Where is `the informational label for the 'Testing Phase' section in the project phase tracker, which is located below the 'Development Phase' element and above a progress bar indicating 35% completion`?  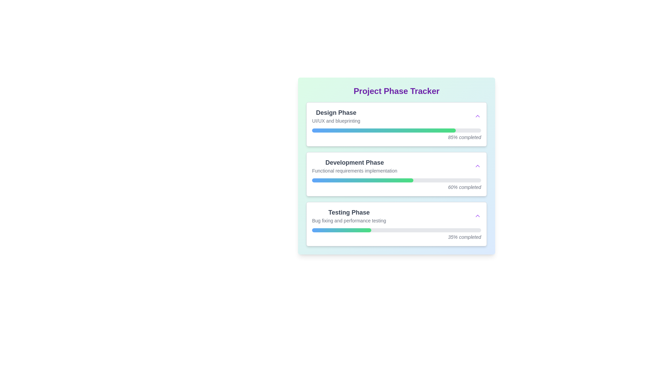 the informational label for the 'Testing Phase' section in the project phase tracker, which is located below the 'Development Phase' element and above a progress bar indicating 35% completion is located at coordinates (349, 216).